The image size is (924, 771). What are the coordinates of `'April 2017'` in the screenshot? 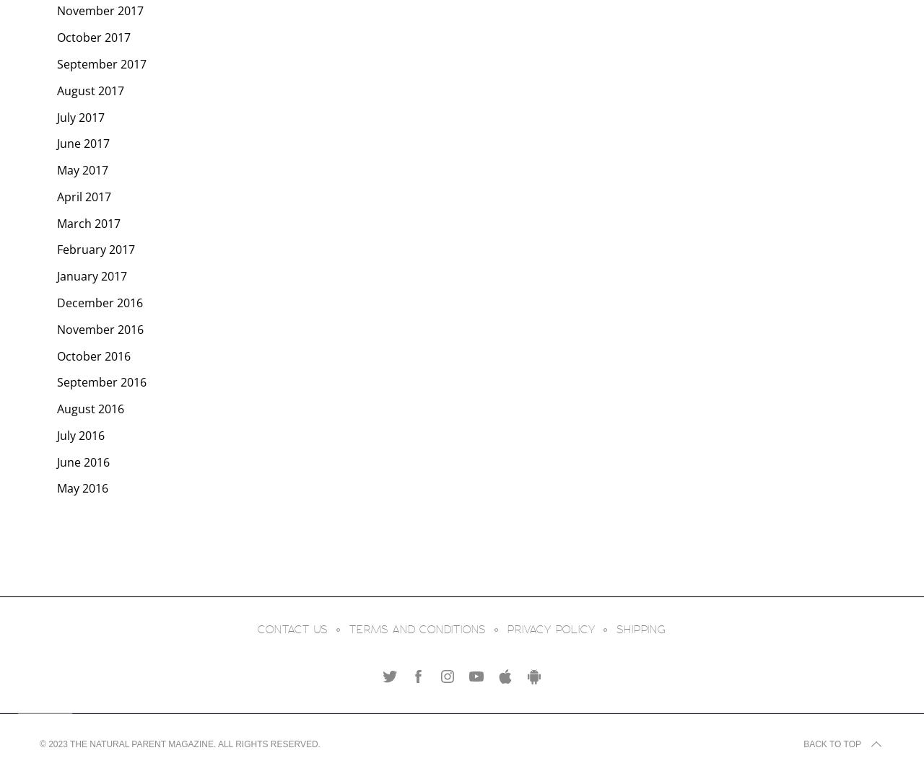 It's located at (83, 195).